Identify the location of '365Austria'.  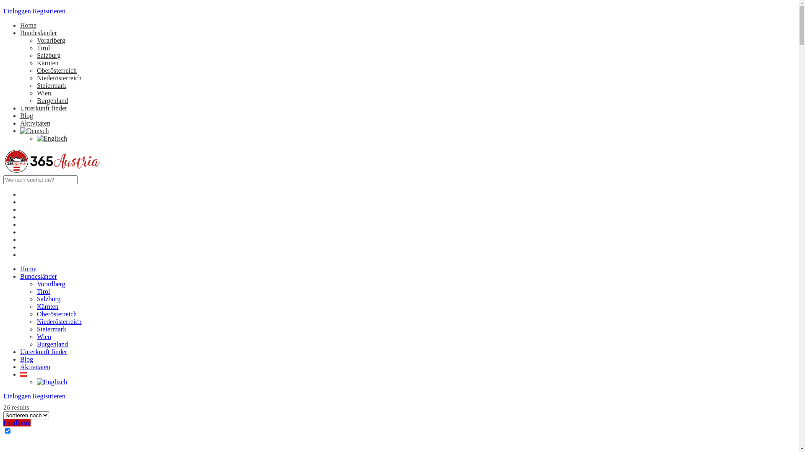
(52, 171).